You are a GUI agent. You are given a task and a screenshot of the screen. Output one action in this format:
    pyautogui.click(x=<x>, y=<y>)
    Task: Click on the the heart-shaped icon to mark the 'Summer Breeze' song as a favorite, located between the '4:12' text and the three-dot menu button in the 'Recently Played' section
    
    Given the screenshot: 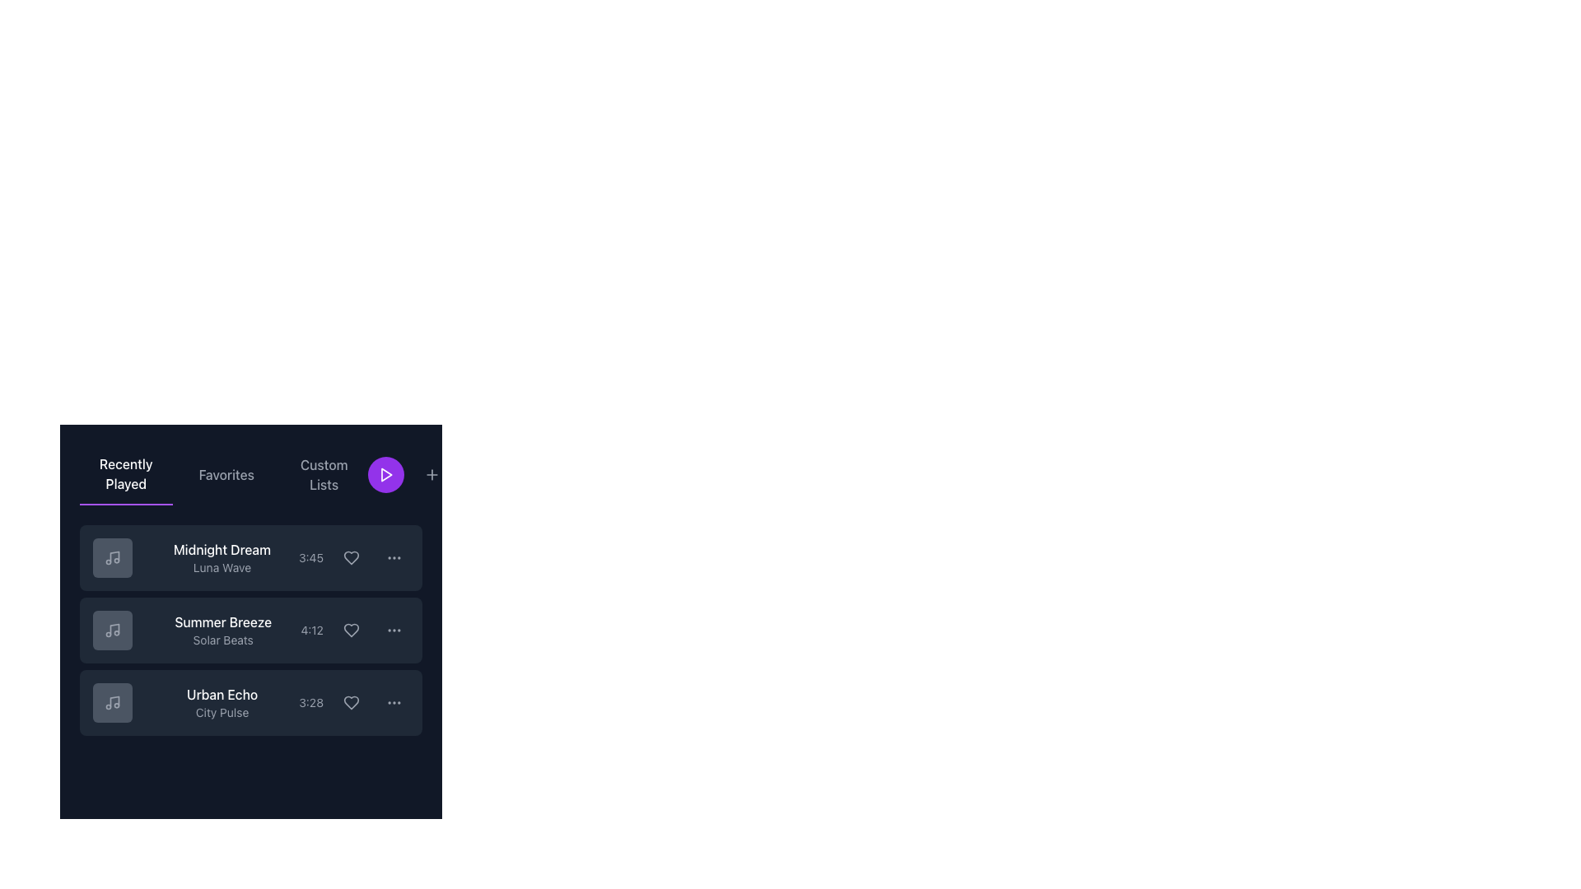 What is the action you would take?
    pyautogui.click(x=354, y=630)
    